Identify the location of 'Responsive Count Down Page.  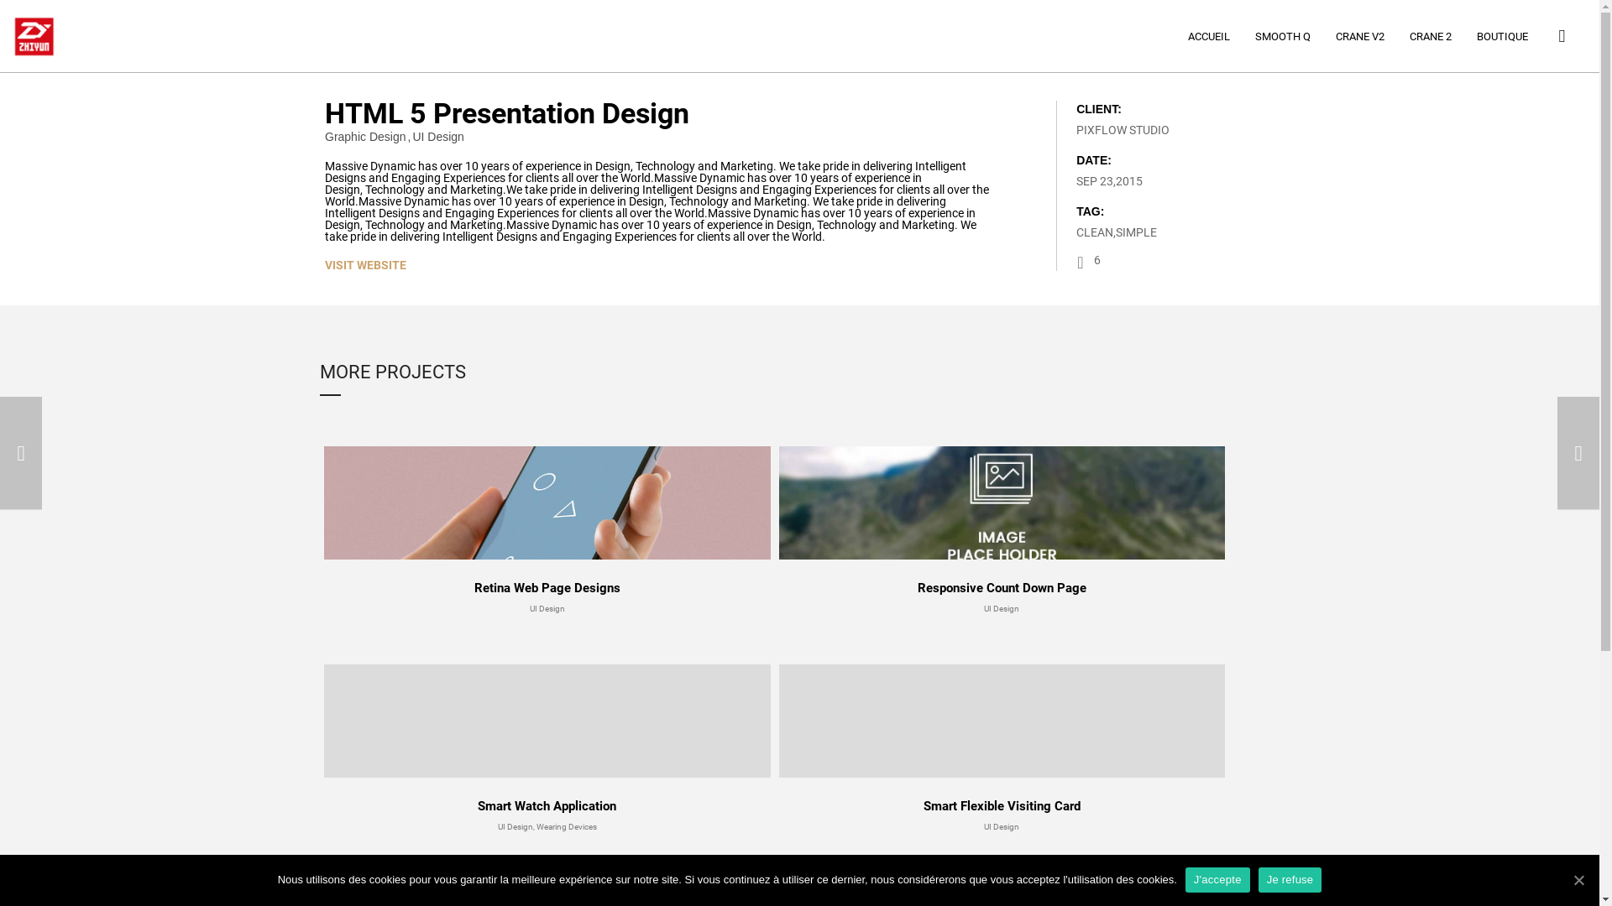
(1002, 530).